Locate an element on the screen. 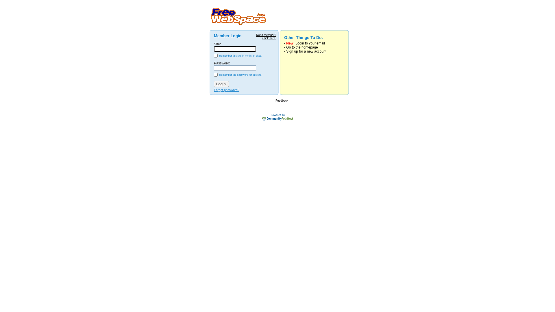  'Sign up for a new account' is located at coordinates (306, 51).